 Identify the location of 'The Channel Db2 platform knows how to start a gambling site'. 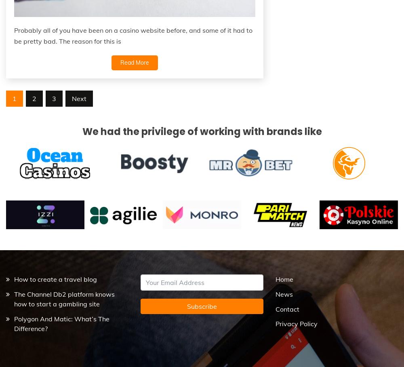
(64, 299).